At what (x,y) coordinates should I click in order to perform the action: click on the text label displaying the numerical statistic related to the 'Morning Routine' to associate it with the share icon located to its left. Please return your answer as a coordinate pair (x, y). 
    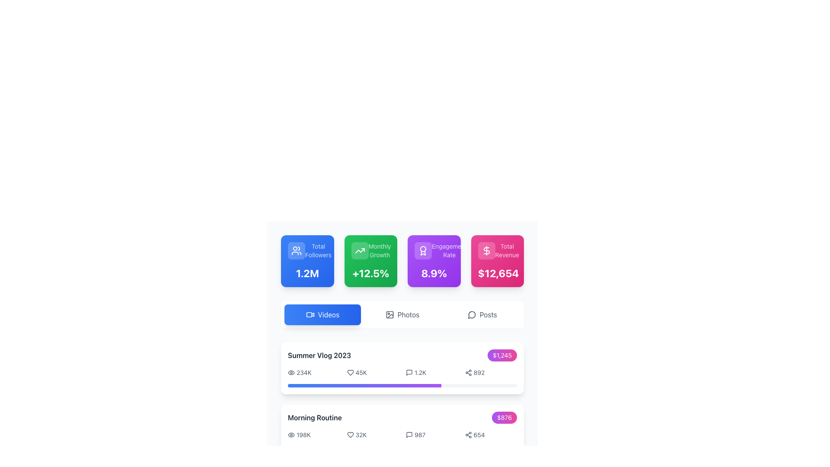
    Looking at the image, I should click on (479, 435).